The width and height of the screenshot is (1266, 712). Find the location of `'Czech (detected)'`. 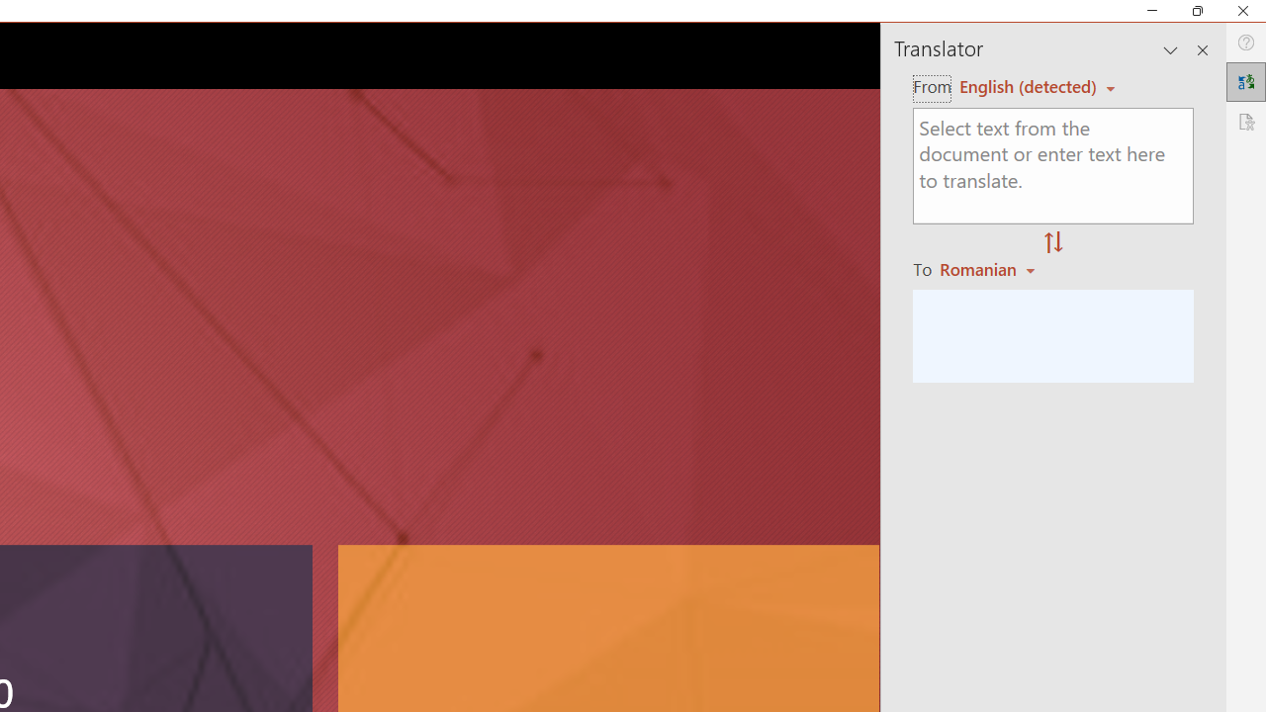

'Czech (detected)' is located at coordinates (1029, 85).